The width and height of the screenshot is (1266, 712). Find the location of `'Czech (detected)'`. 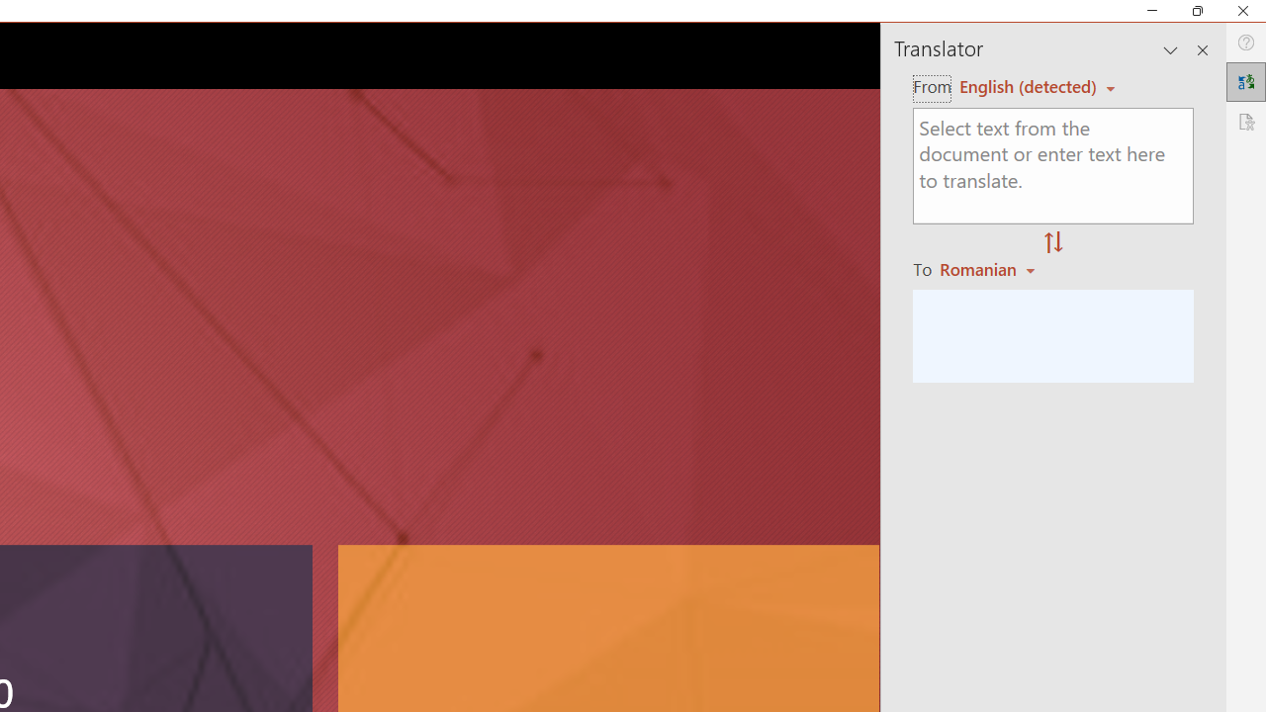

'Czech (detected)' is located at coordinates (1029, 85).